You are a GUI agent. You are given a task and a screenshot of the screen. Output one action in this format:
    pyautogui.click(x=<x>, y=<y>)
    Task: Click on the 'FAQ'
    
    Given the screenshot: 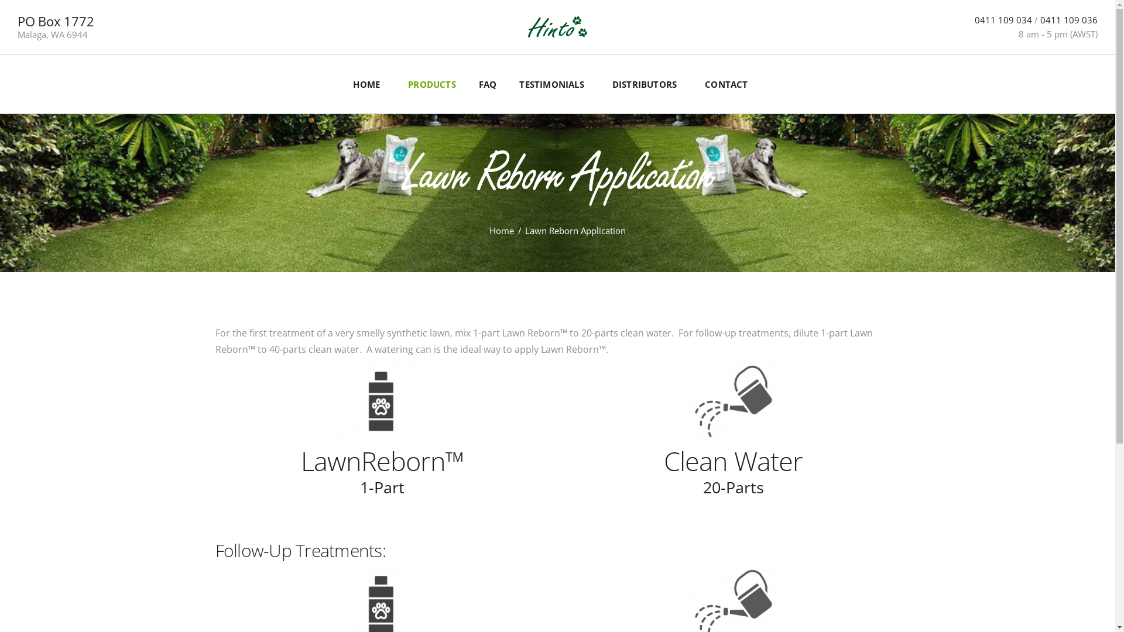 What is the action you would take?
    pyautogui.click(x=464, y=83)
    